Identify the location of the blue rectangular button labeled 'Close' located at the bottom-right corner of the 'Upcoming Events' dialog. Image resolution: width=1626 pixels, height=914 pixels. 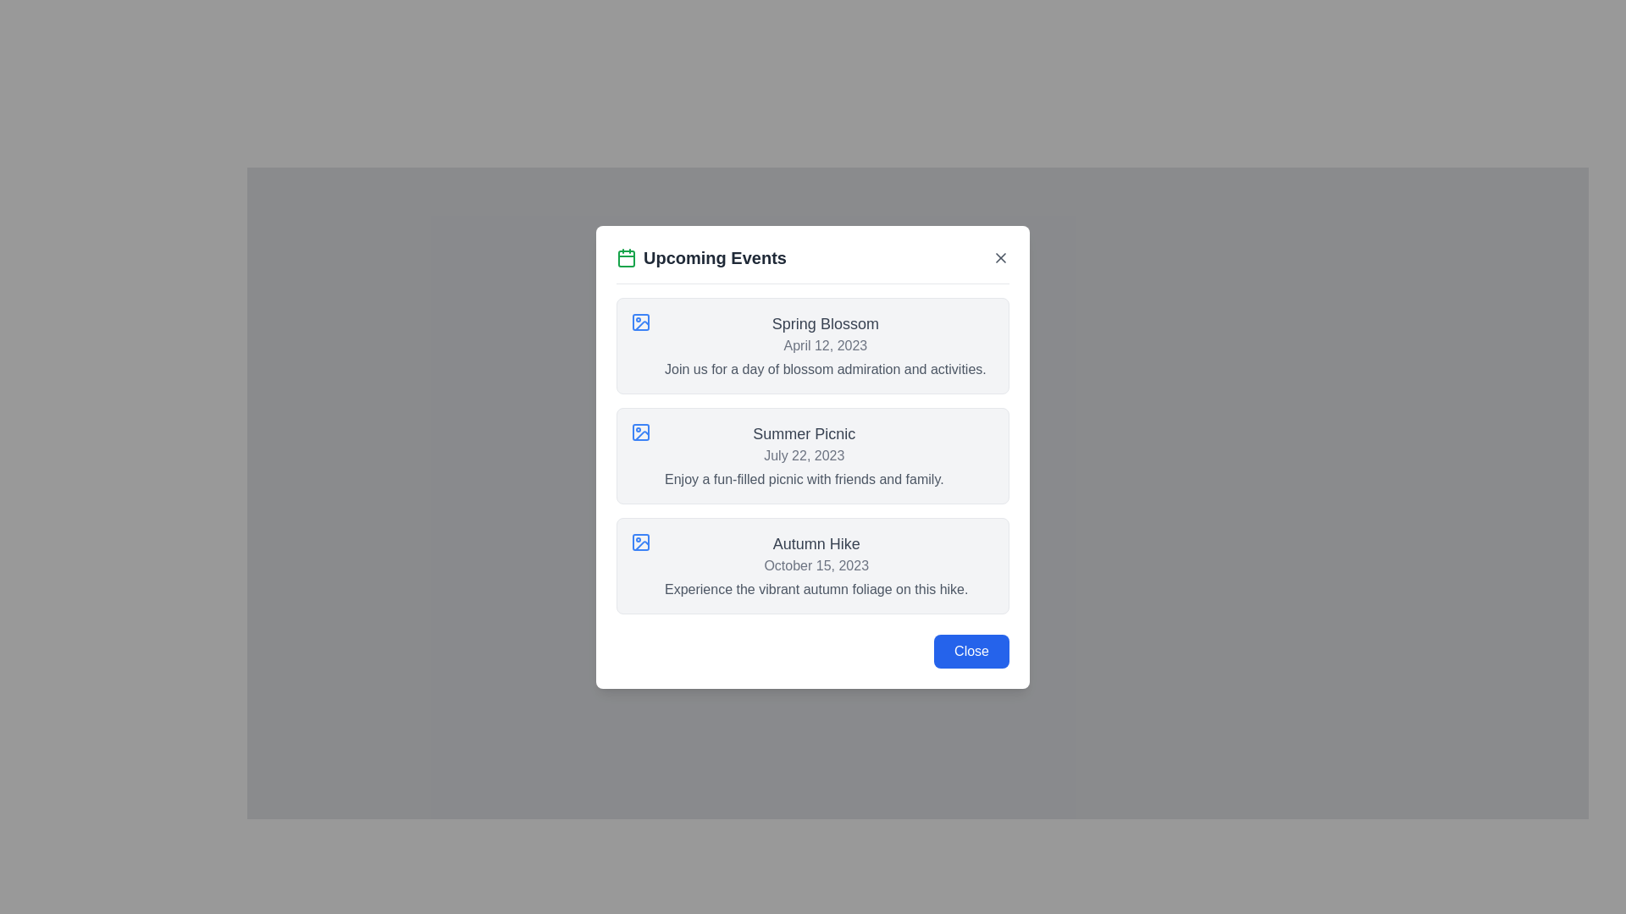
(971, 650).